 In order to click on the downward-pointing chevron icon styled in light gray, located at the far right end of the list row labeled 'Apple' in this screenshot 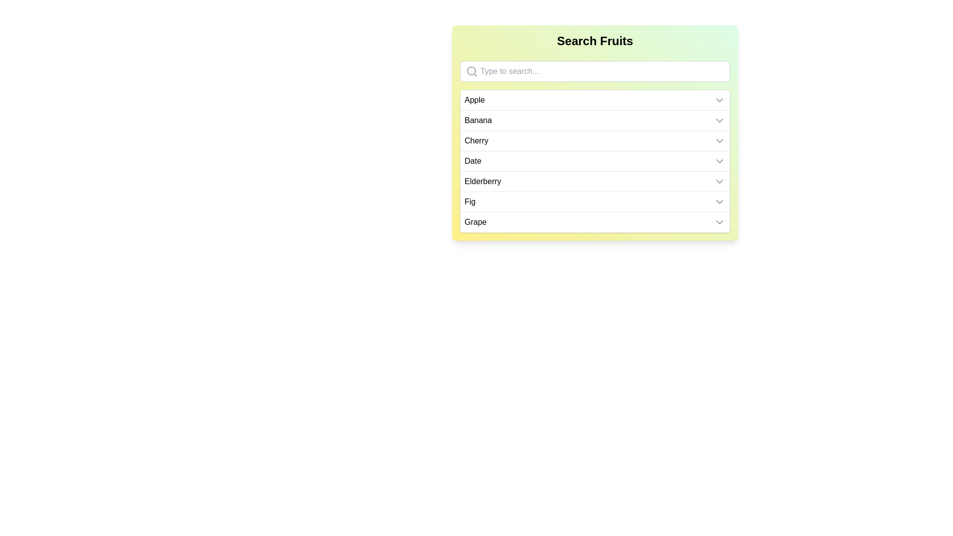, I will do `click(719, 100)`.